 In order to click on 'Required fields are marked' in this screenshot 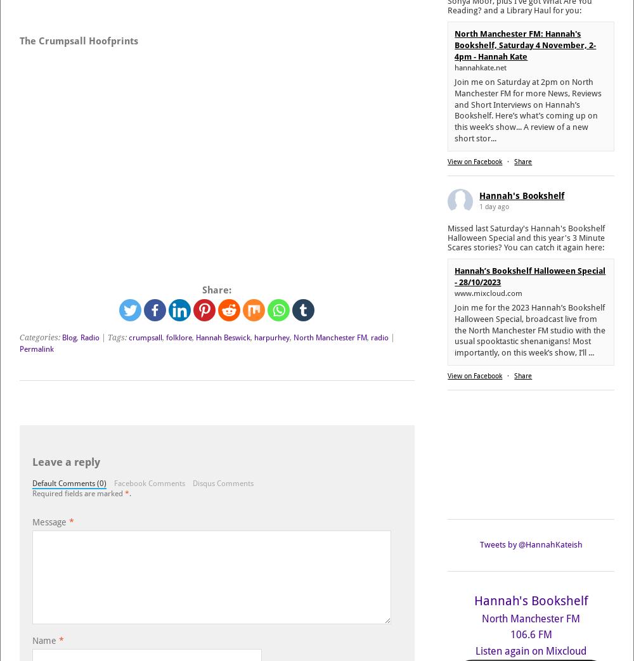, I will do `click(78, 493)`.